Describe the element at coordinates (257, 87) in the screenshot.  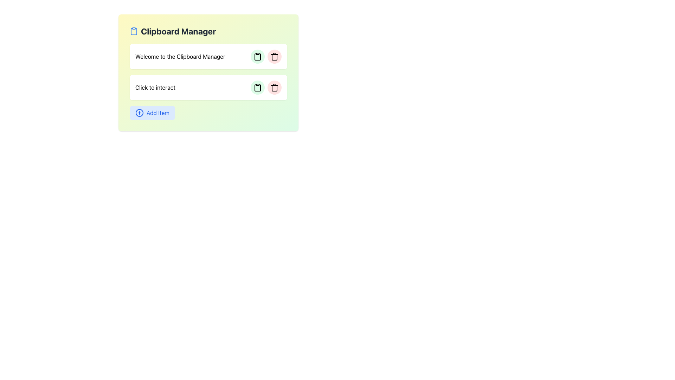
I see `the circular green button with a clipboard icon` at that location.